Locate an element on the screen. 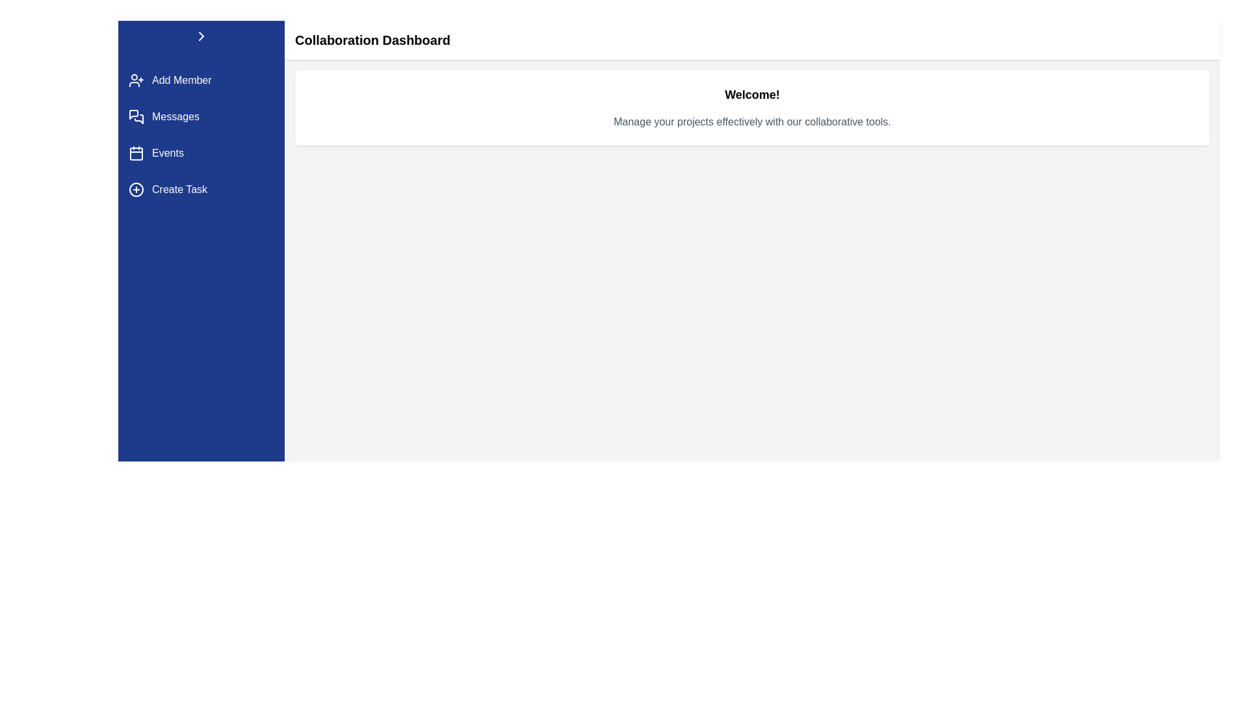 The image size is (1248, 702). the 'Events' button in the vertical menu located between 'Messages' and 'Create Task' is located at coordinates (201, 152).